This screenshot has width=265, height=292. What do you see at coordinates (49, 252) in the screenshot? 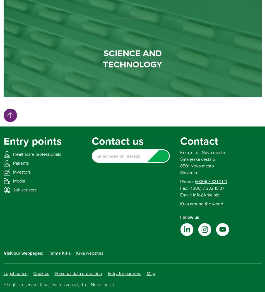
I see `'Terme Krka'` at bounding box center [49, 252].